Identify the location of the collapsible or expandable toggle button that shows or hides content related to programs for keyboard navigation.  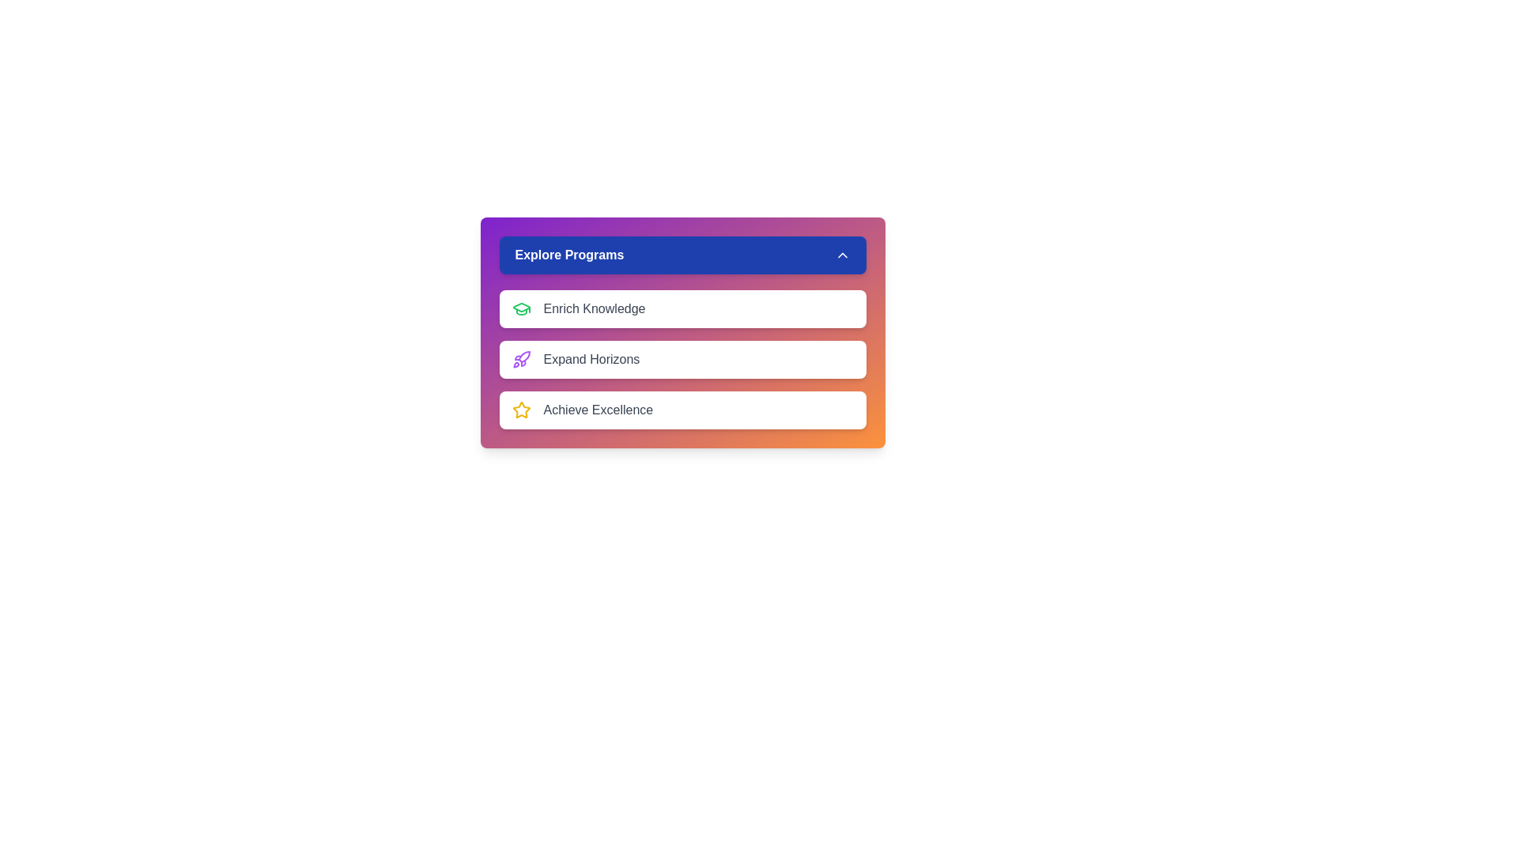
(682, 255).